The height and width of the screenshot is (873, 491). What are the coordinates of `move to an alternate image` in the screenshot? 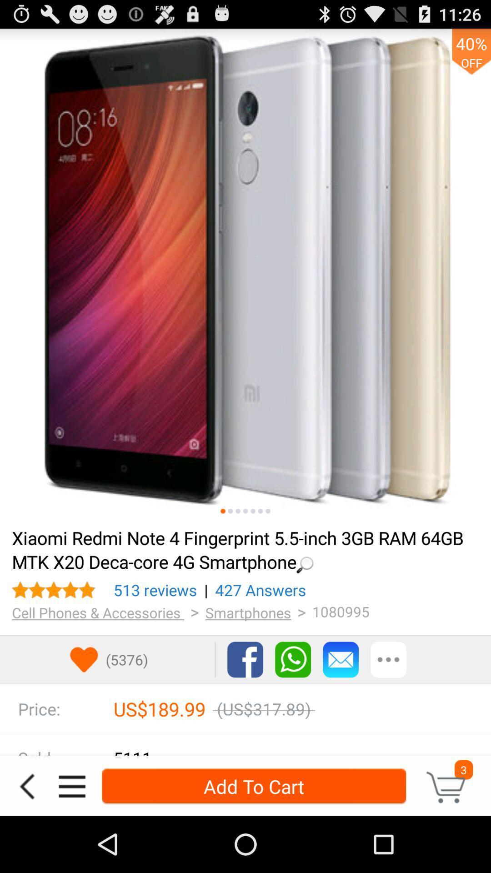 It's located at (267, 511).